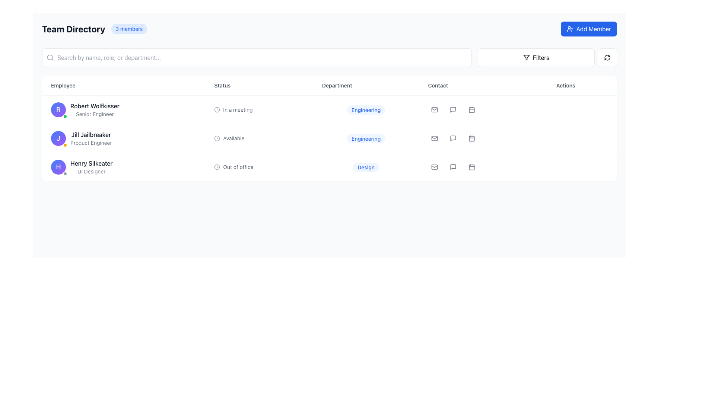  What do you see at coordinates (94, 28) in the screenshot?
I see `section header element titled 'Team Directory' with additional information about '3 members' for informational purposes` at bounding box center [94, 28].